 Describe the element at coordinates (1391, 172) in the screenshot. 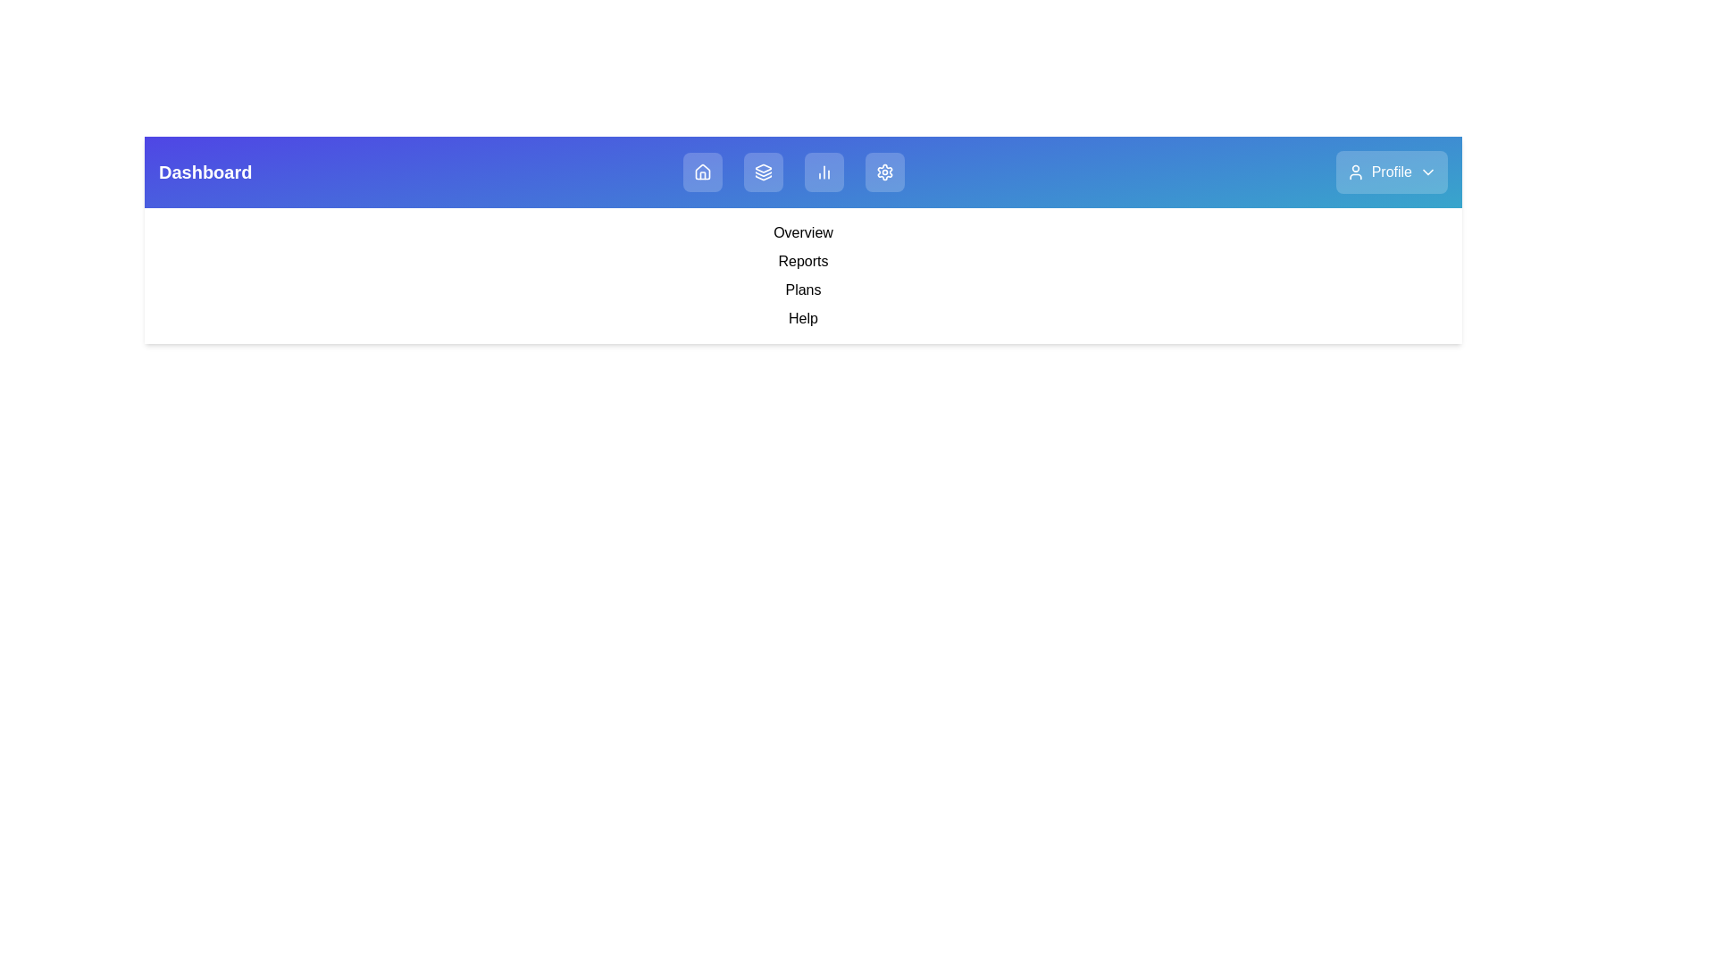

I see `the 'Profile' button to toggle the profile menu` at that location.